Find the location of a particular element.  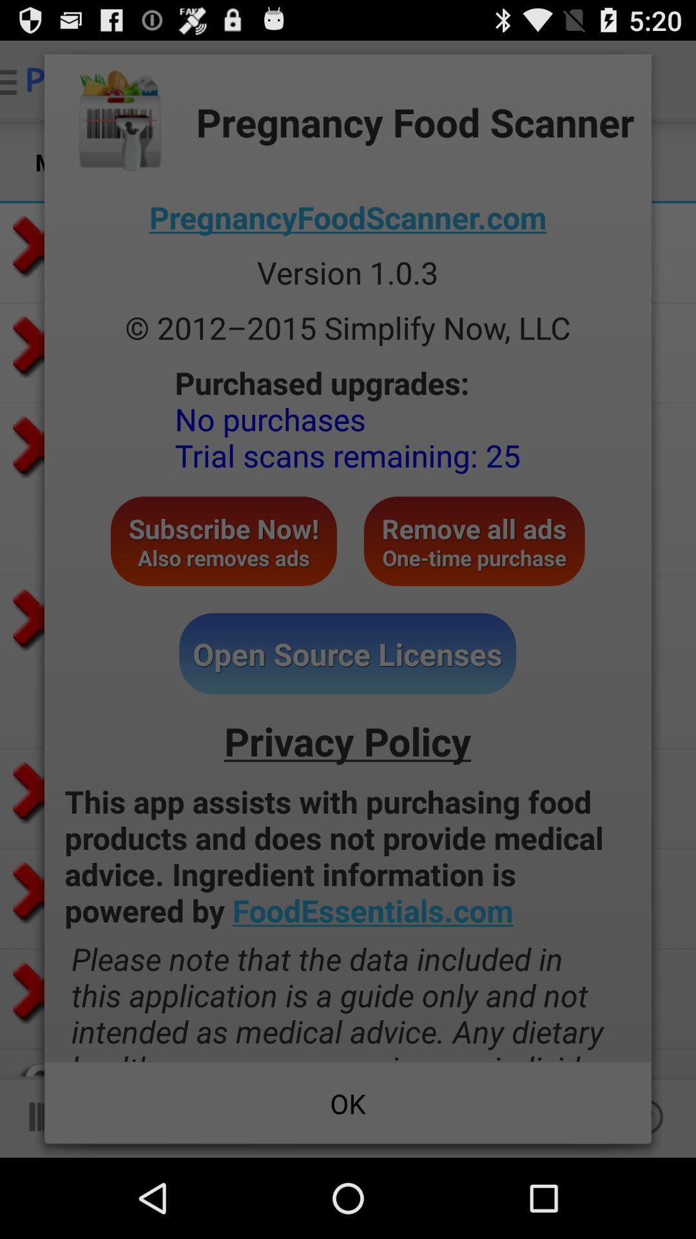

the this app assists app is located at coordinates (348, 856).